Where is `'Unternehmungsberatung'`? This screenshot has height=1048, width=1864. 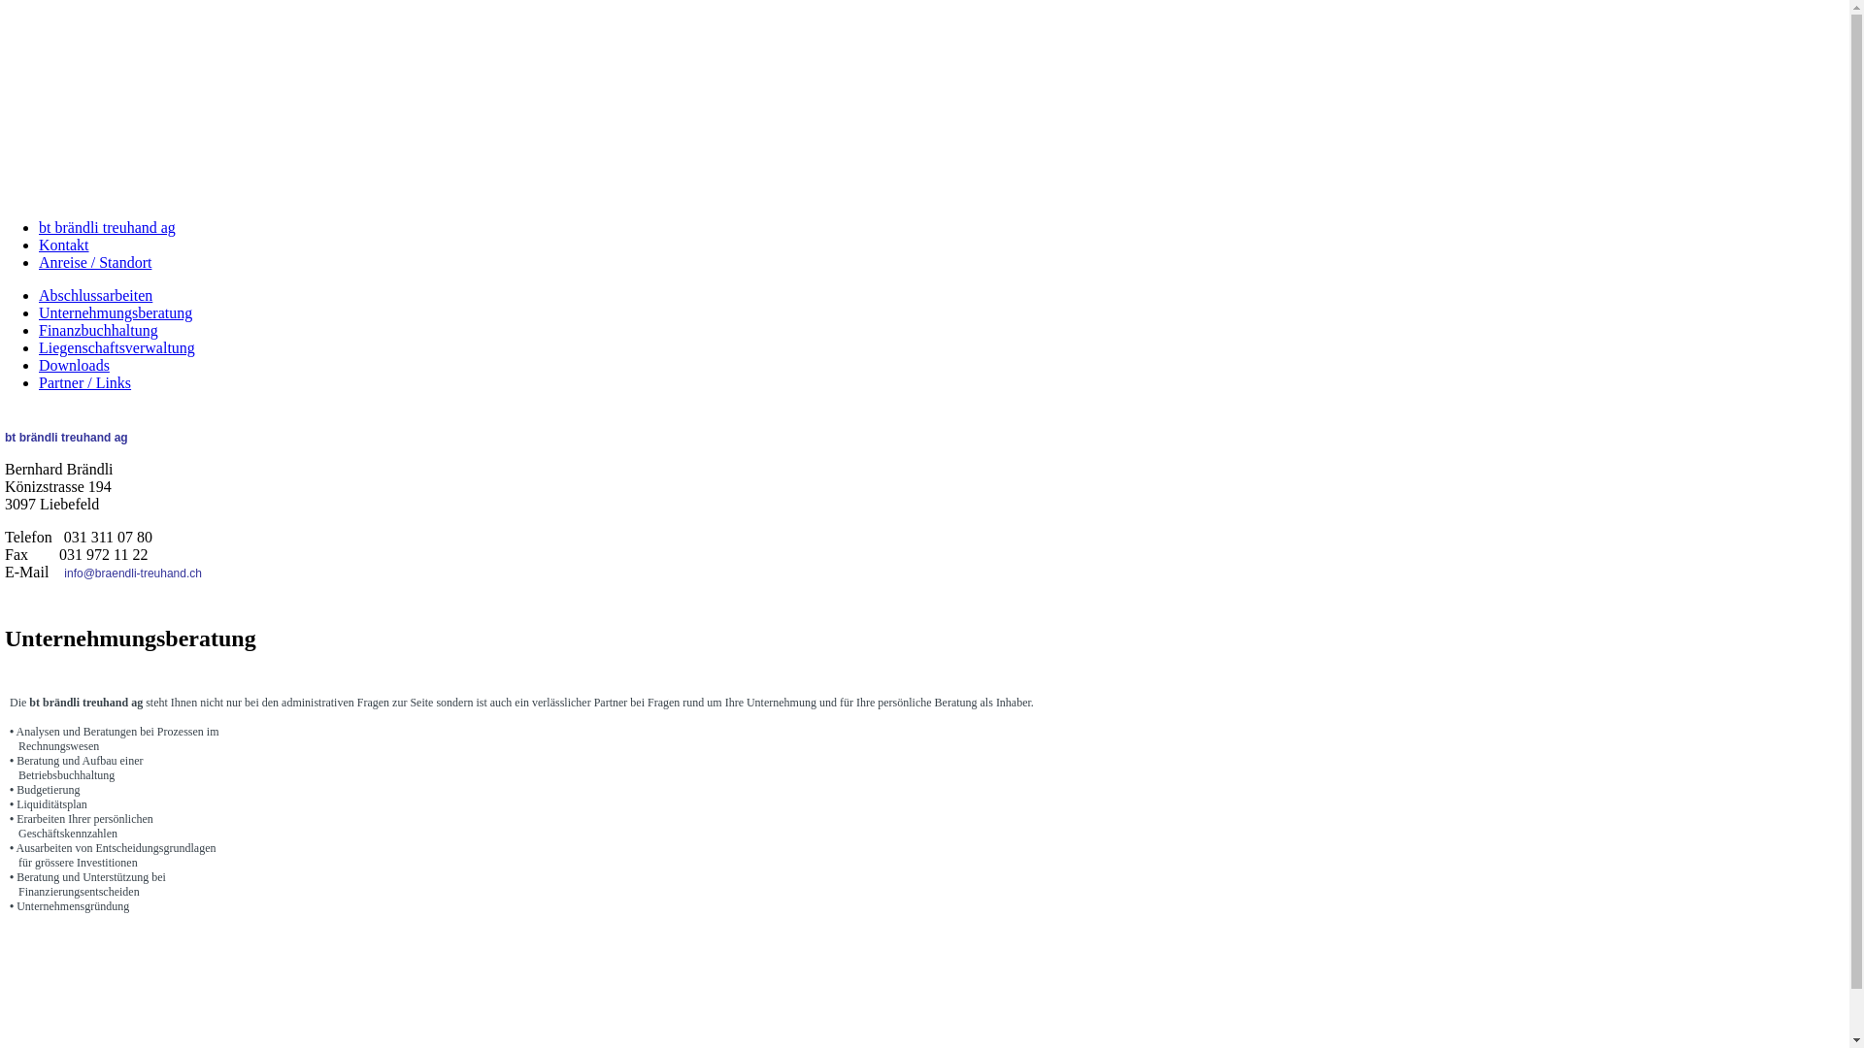
'Unternehmungsberatung' is located at coordinates (115, 311).